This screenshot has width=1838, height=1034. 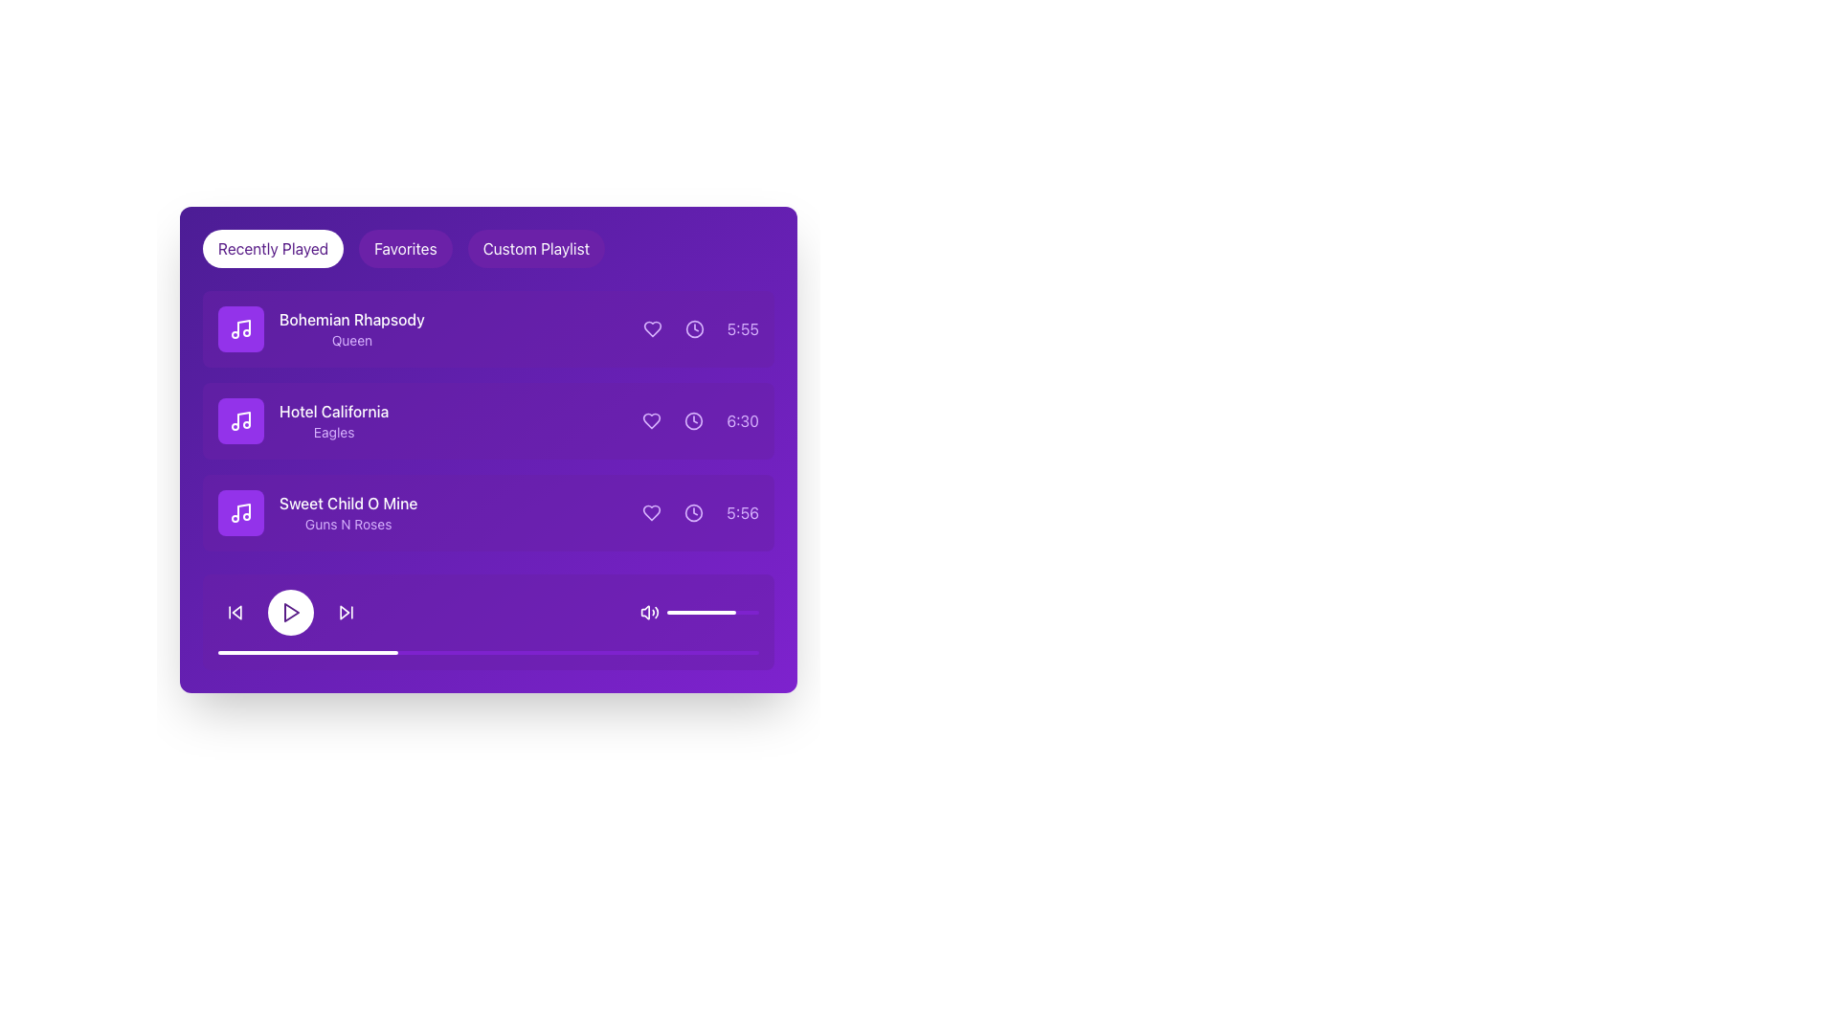 What do you see at coordinates (291, 613) in the screenshot?
I see `the triangular play icon, which is vibrant purple and located inside a circular button with a white background at the bottom of the music application interface` at bounding box center [291, 613].